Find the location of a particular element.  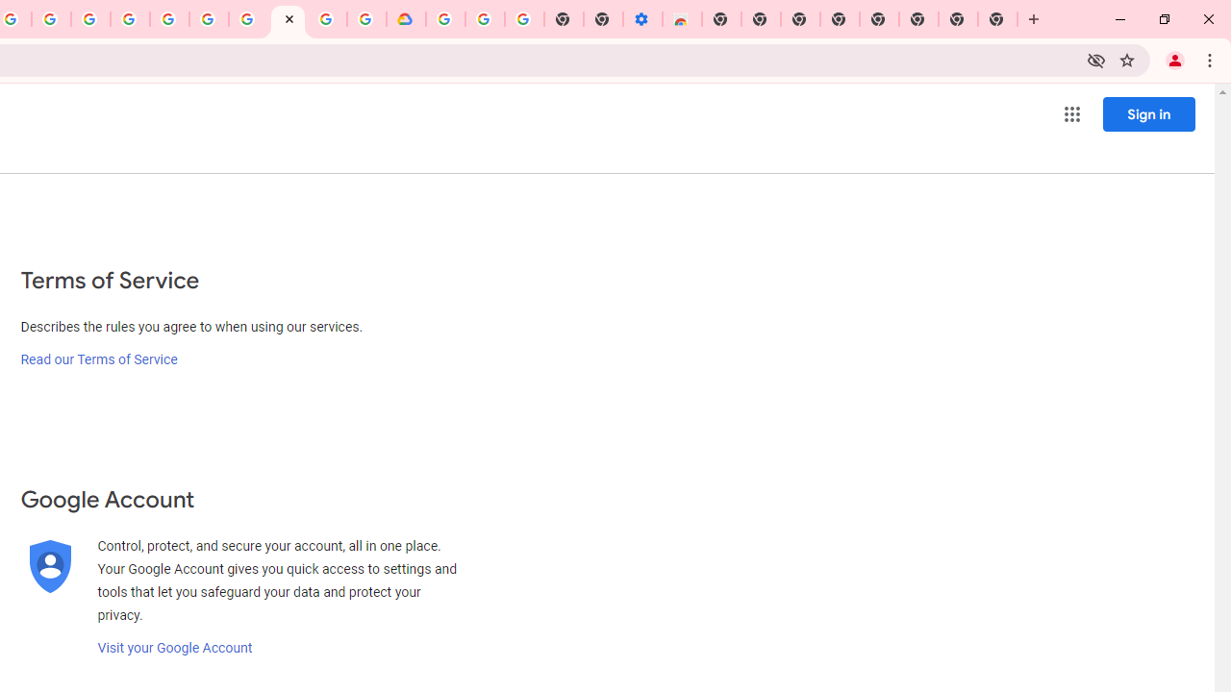

'Ad Settings' is located at coordinates (129, 19).